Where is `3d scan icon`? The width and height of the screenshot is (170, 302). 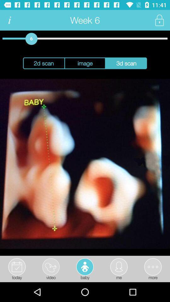 3d scan icon is located at coordinates (126, 63).